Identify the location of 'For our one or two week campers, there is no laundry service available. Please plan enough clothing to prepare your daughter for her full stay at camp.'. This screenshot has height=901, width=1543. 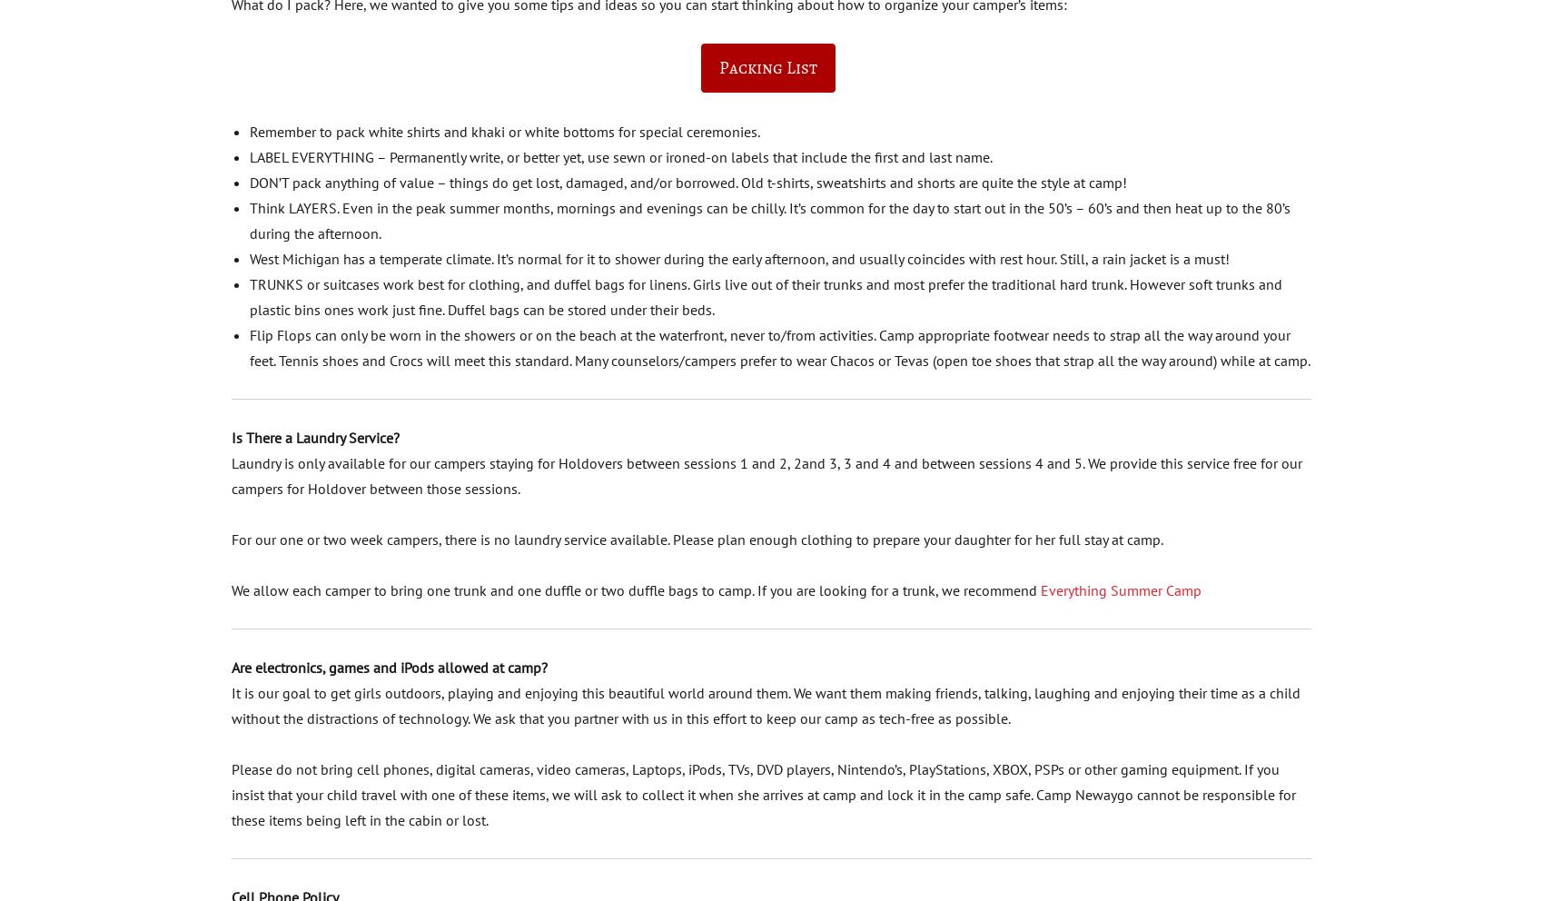
(696, 538).